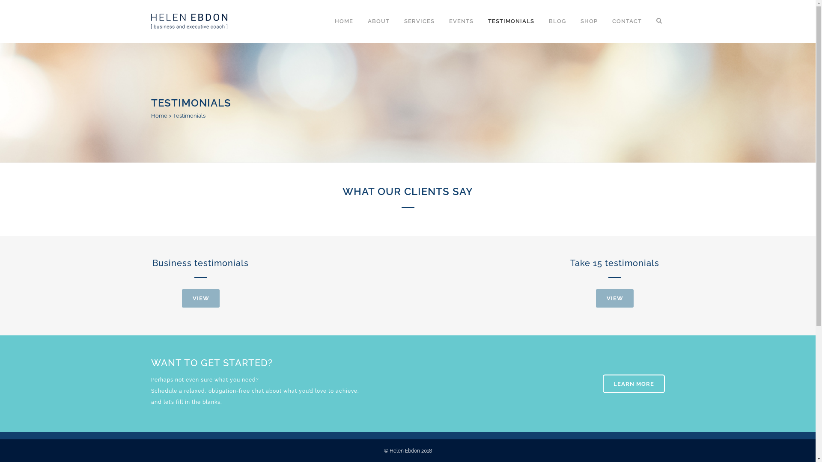 The height and width of the screenshot is (462, 822). What do you see at coordinates (433, 333) in the screenshot?
I see `'Testimonials'` at bounding box center [433, 333].